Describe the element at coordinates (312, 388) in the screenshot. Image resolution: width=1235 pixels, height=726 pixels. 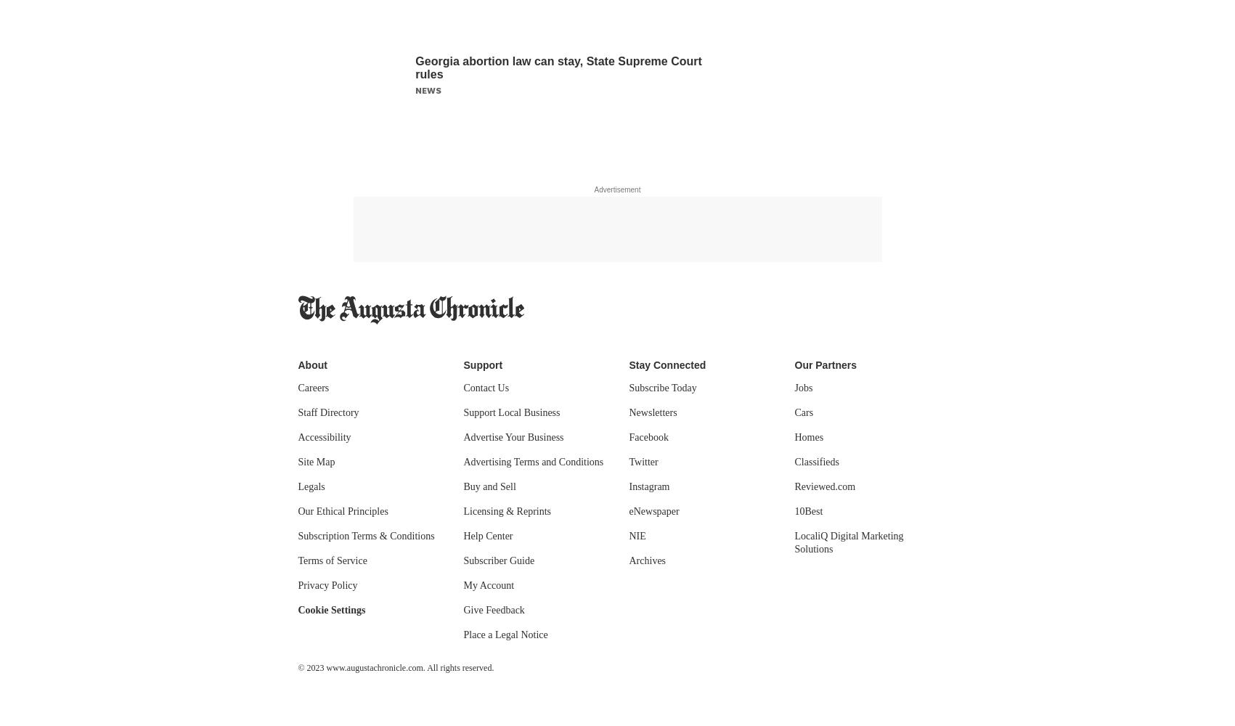
I see `'Careers'` at that location.